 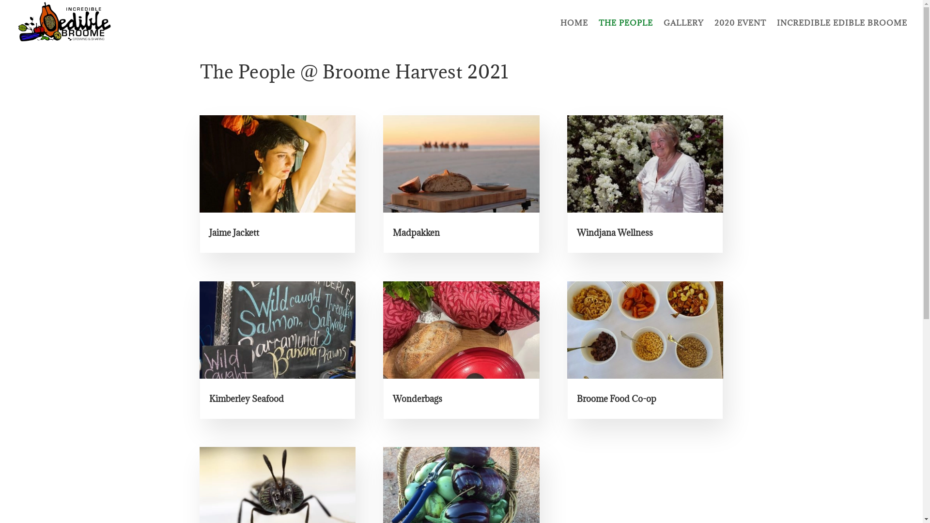 What do you see at coordinates (574, 31) in the screenshot?
I see `'HOME'` at bounding box center [574, 31].